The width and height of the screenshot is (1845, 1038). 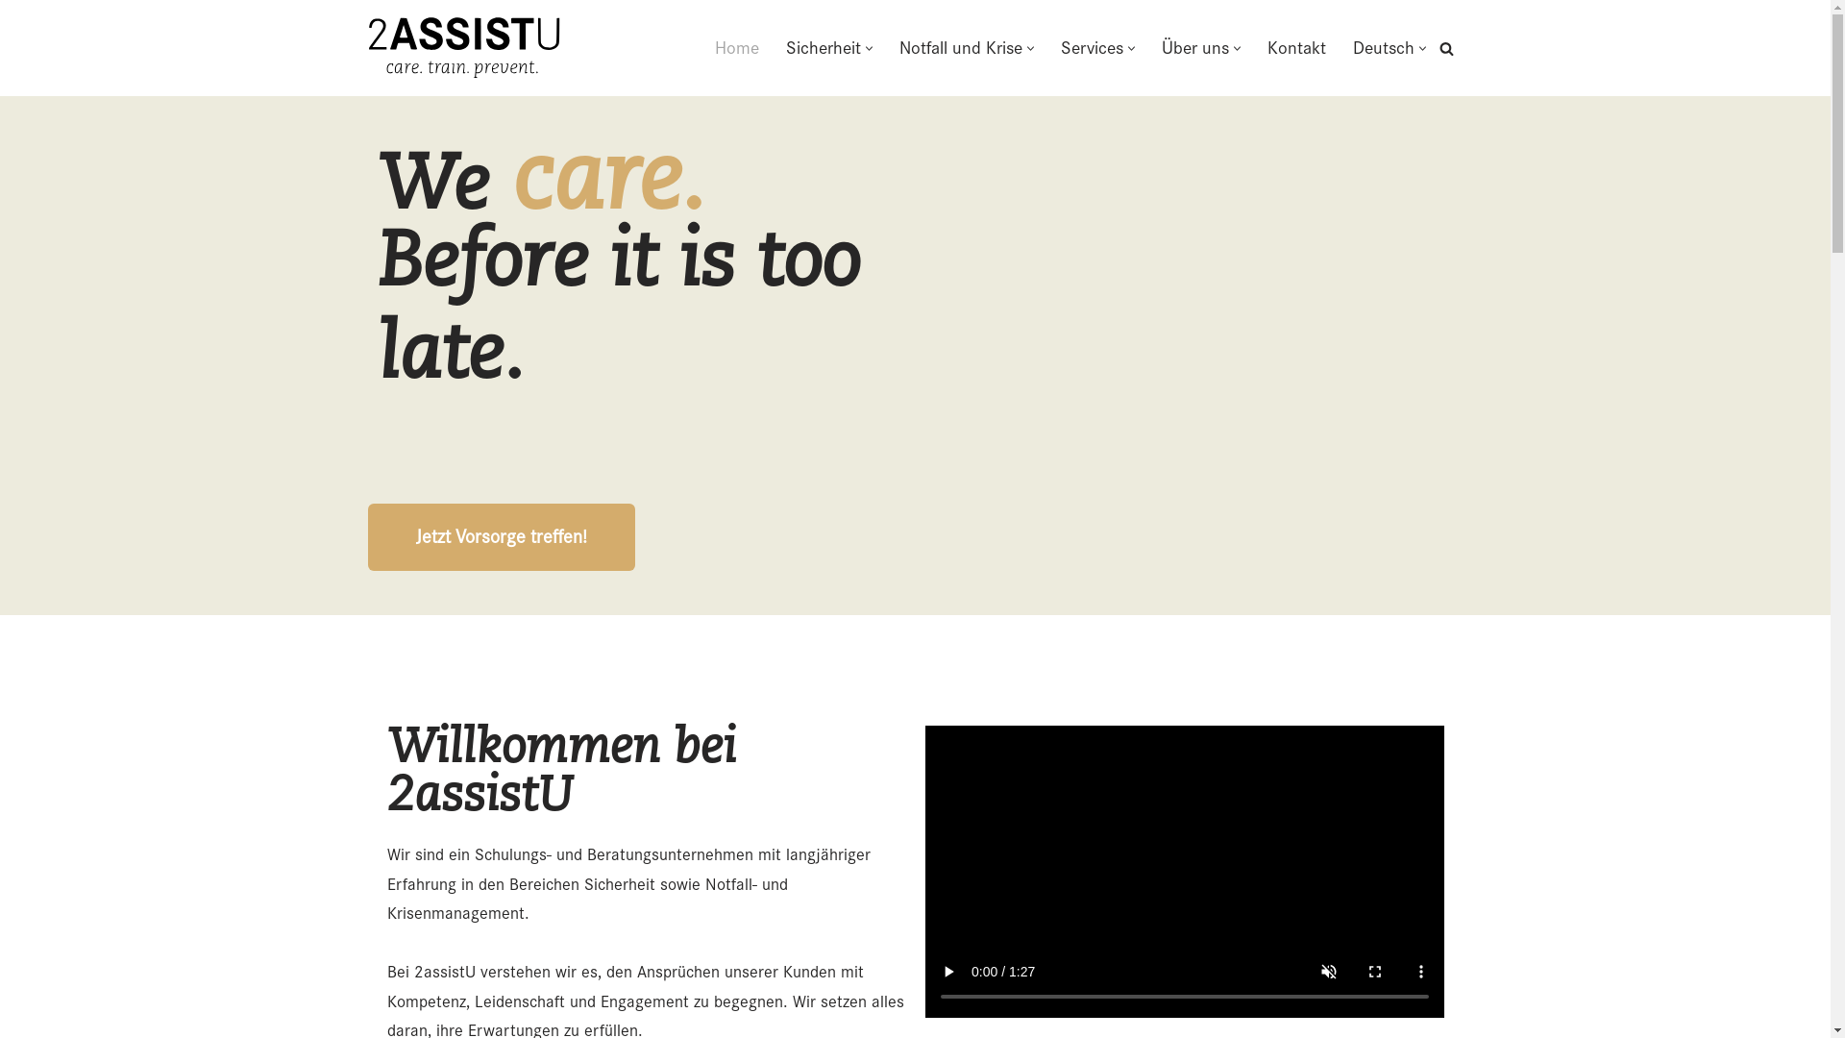 What do you see at coordinates (1295, 46) in the screenshot?
I see `'Kontakt'` at bounding box center [1295, 46].